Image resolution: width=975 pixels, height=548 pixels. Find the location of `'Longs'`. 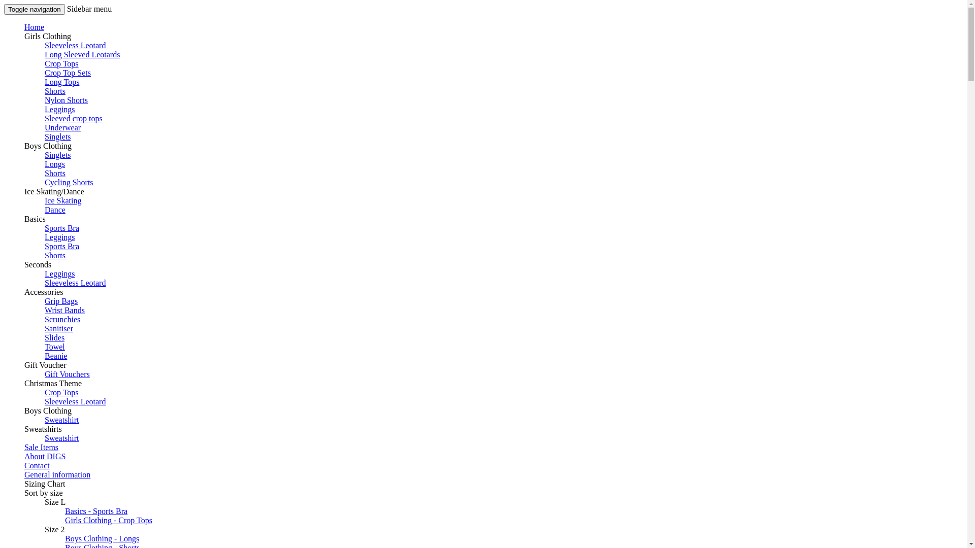

'Longs' is located at coordinates (54, 163).